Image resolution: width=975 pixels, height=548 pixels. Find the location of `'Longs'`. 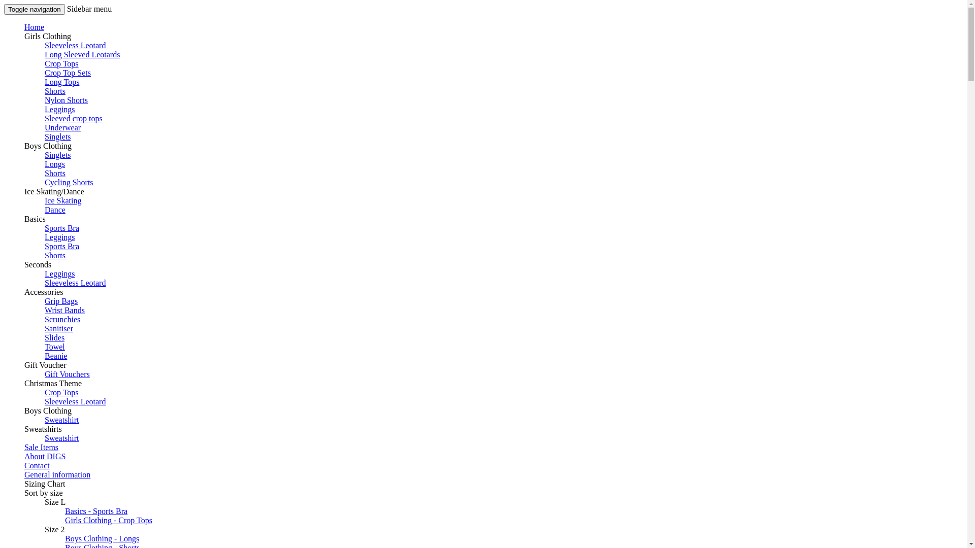

'Longs' is located at coordinates (54, 163).